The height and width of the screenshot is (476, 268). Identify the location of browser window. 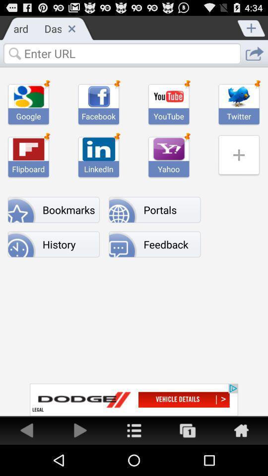
(71, 28).